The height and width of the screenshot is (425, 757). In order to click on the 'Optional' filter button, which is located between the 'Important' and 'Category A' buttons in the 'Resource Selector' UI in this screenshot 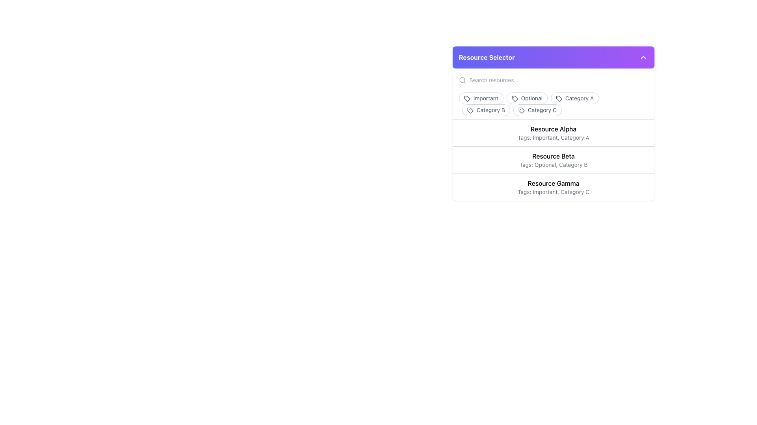, I will do `click(527, 98)`.